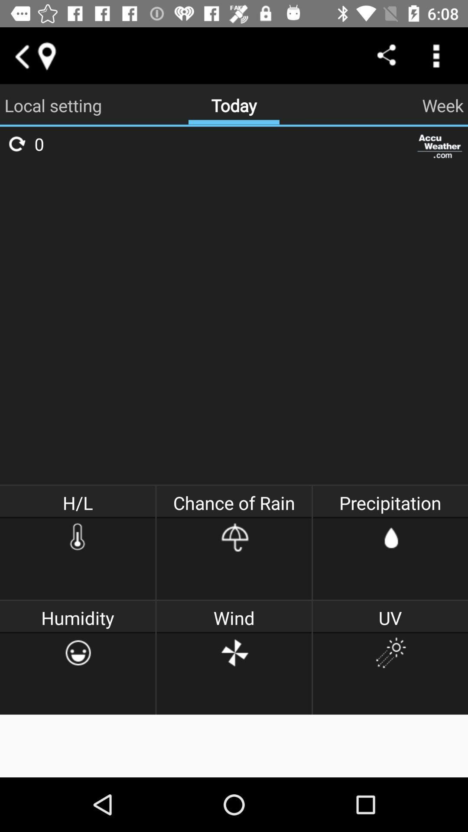 This screenshot has width=468, height=832. What do you see at coordinates (21, 55) in the screenshot?
I see `go back` at bounding box center [21, 55].